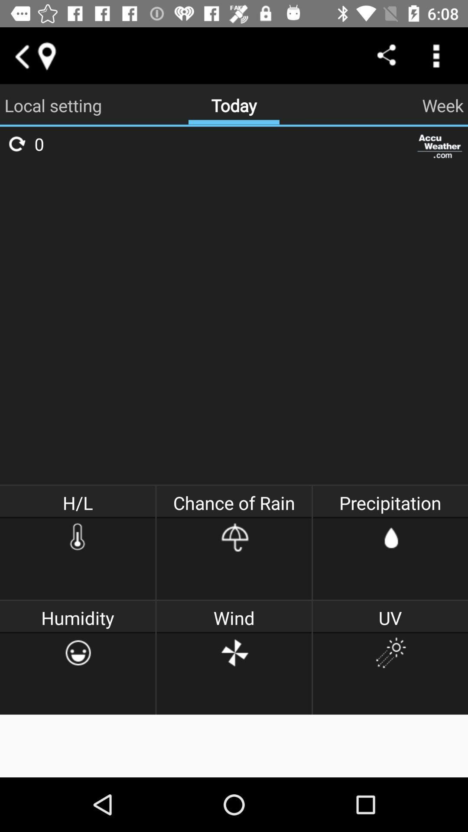 This screenshot has width=468, height=832. What do you see at coordinates (21, 55) in the screenshot?
I see `go back` at bounding box center [21, 55].